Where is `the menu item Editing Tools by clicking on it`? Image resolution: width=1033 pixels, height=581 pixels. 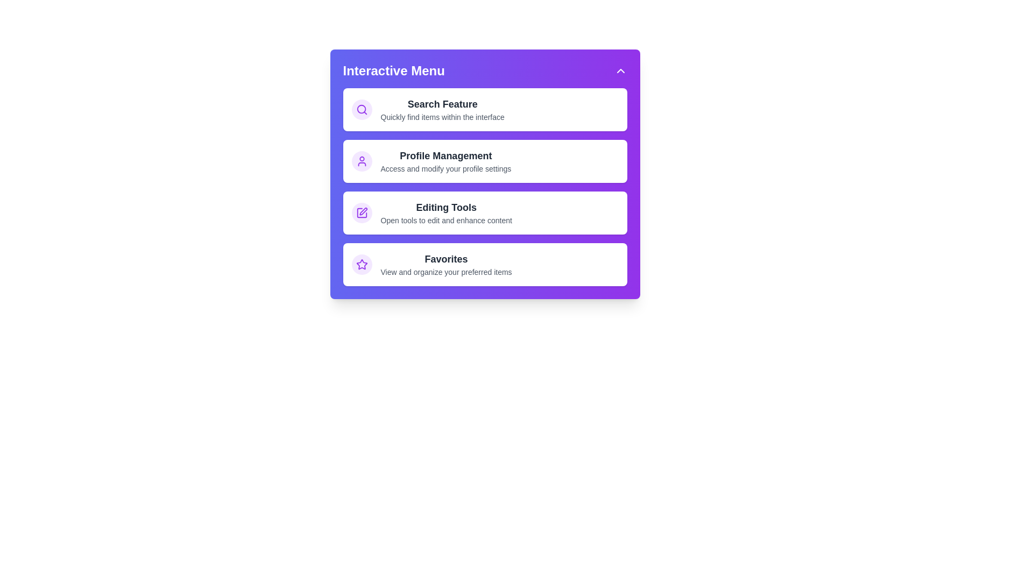
the menu item Editing Tools by clicking on it is located at coordinates (484, 213).